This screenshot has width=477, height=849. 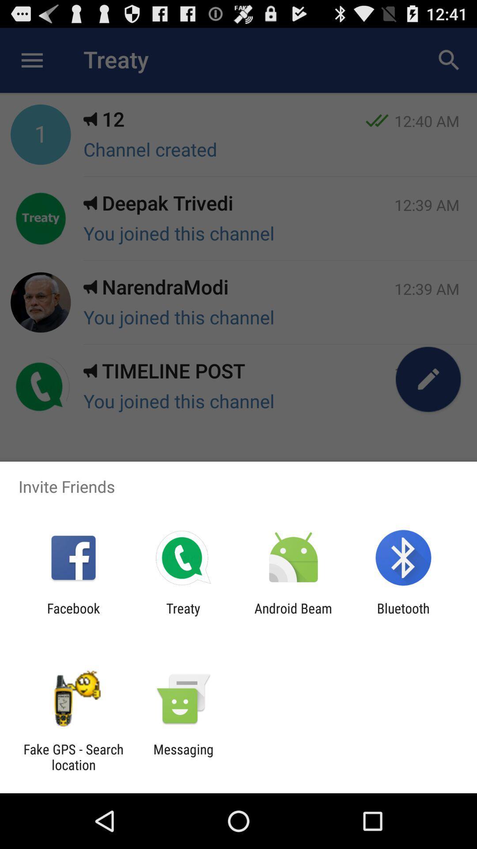 I want to click on bluetooth at the bottom right corner, so click(x=403, y=616).